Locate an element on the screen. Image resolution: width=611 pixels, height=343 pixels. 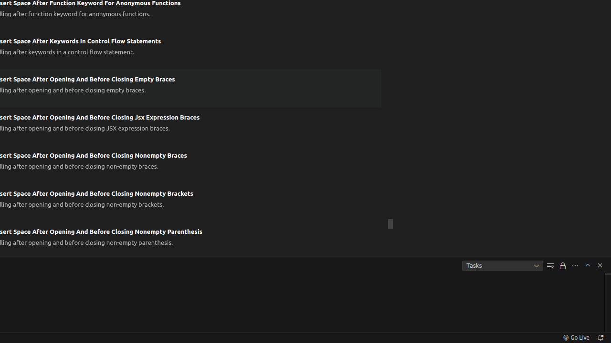
'broadcast Go Live, Click to run live server' is located at coordinates (575, 337).